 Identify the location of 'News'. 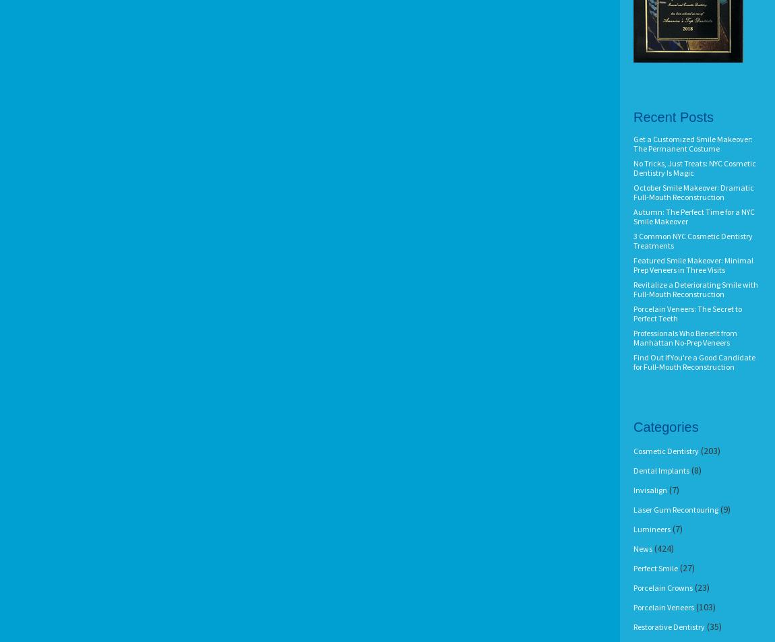
(643, 548).